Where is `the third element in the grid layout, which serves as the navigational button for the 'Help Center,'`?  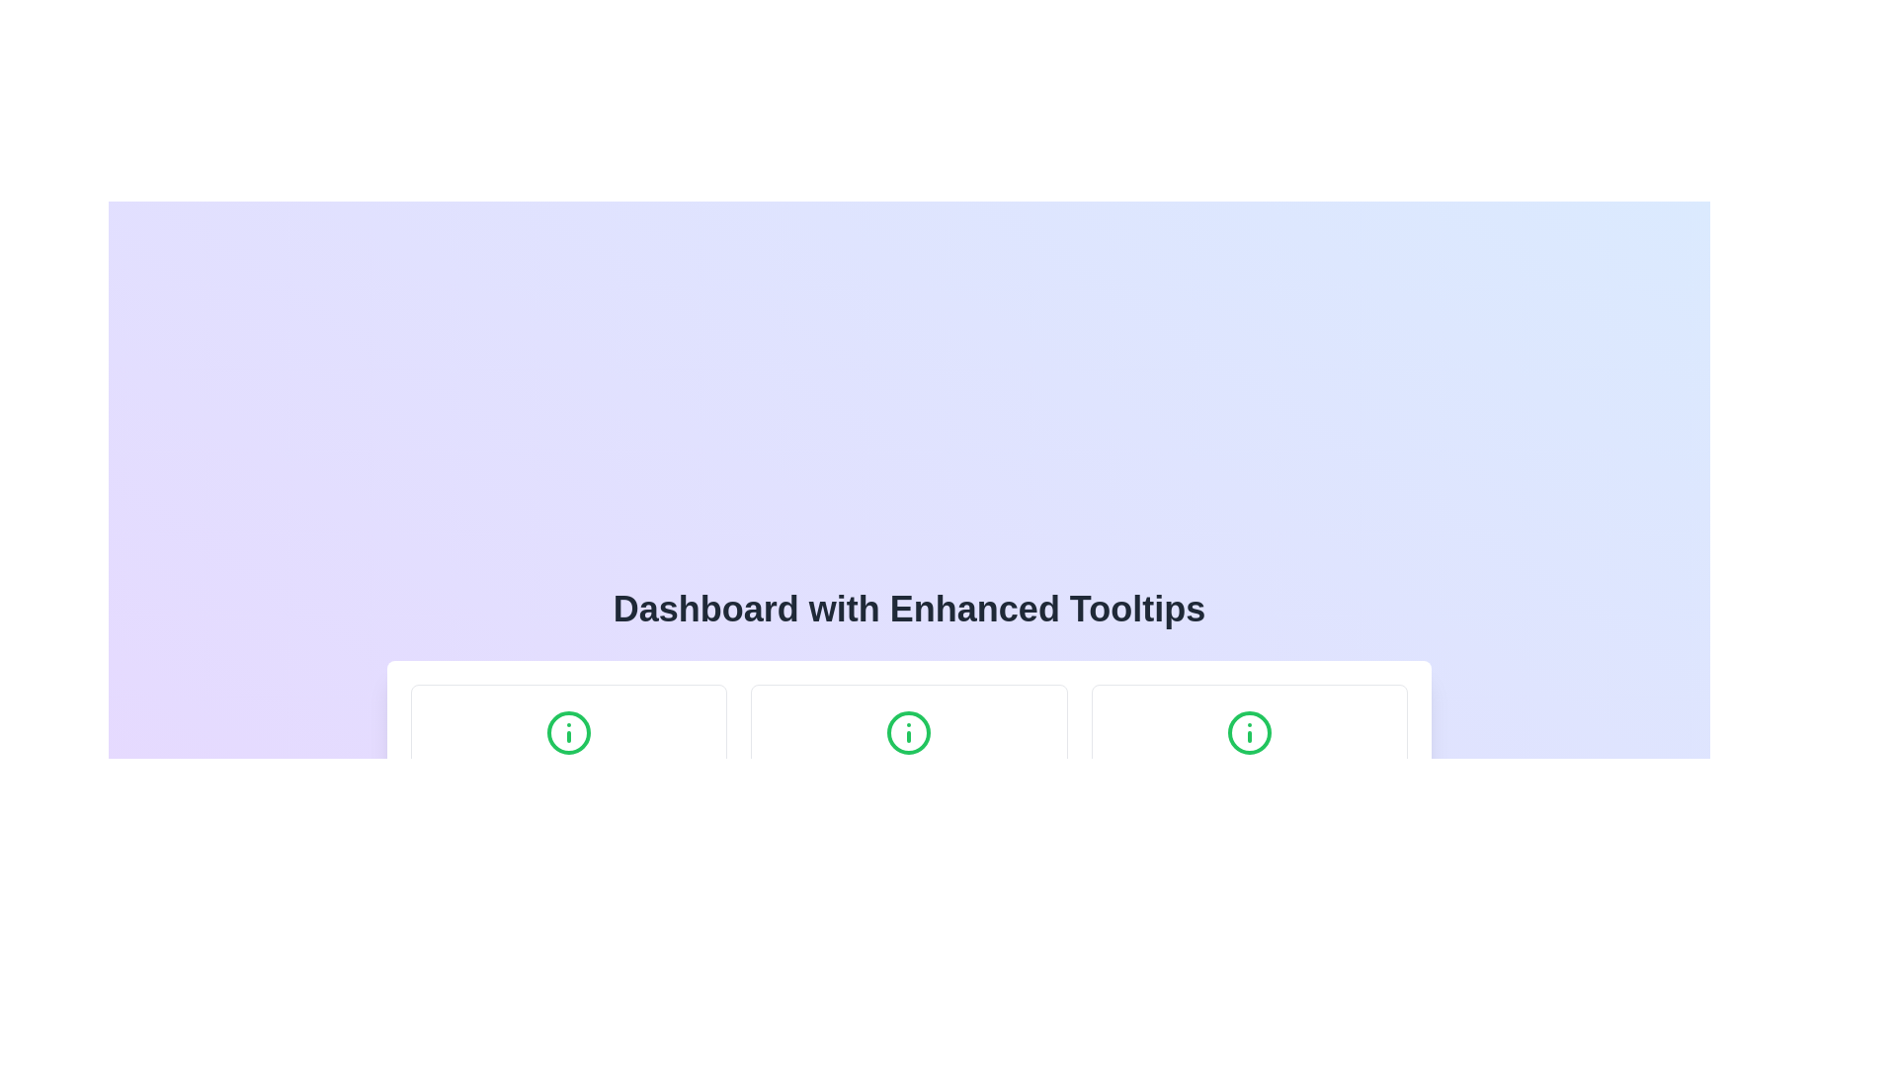 the third element in the grid layout, which serves as the navigational button for the 'Help Center,' is located at coordinates (1248, 769).